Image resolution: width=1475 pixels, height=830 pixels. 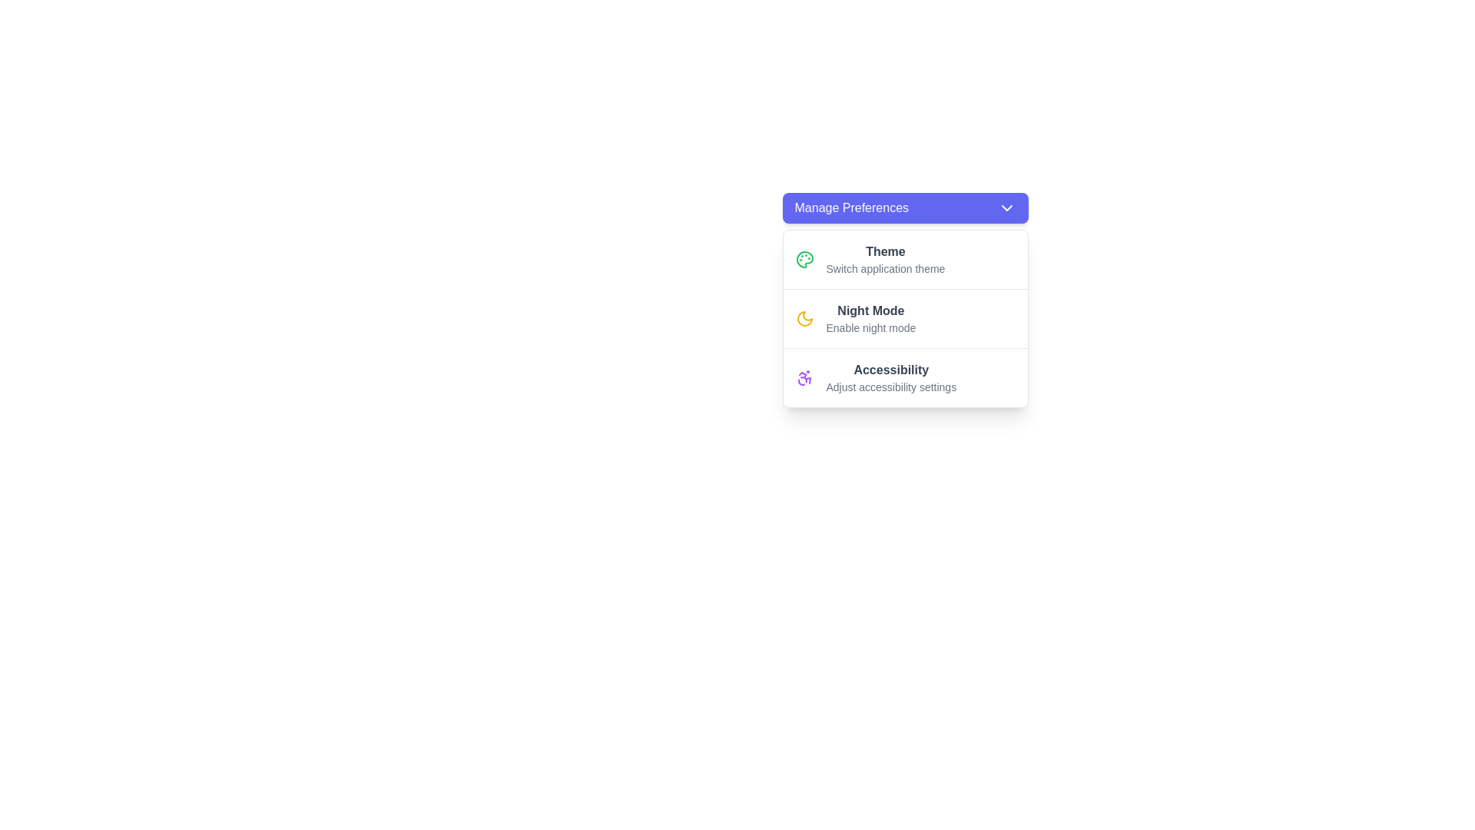 What do you see at coordinates (870, 311) in the screenshot?
I see `the label that indicates the option to enable night mode within the 'Manage Preferences' menu` at bounding box center [870, 311].